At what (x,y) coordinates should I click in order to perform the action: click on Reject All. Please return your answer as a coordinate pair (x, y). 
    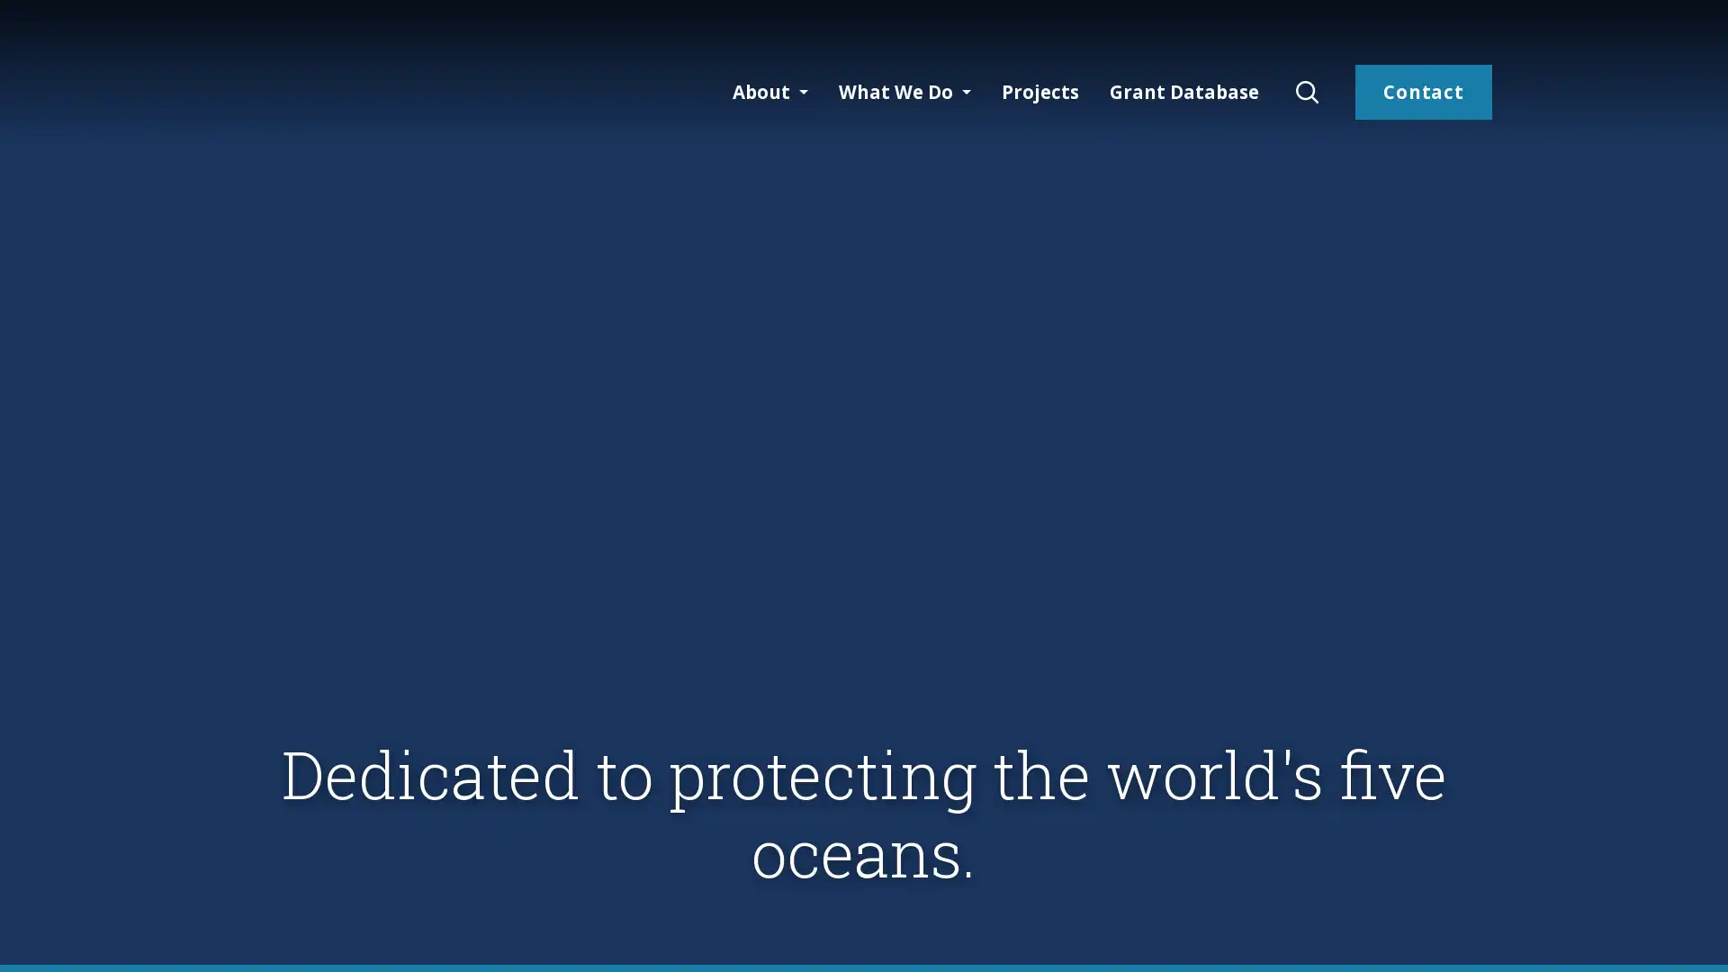
    Looking at the image, I should click on (1535, 935).